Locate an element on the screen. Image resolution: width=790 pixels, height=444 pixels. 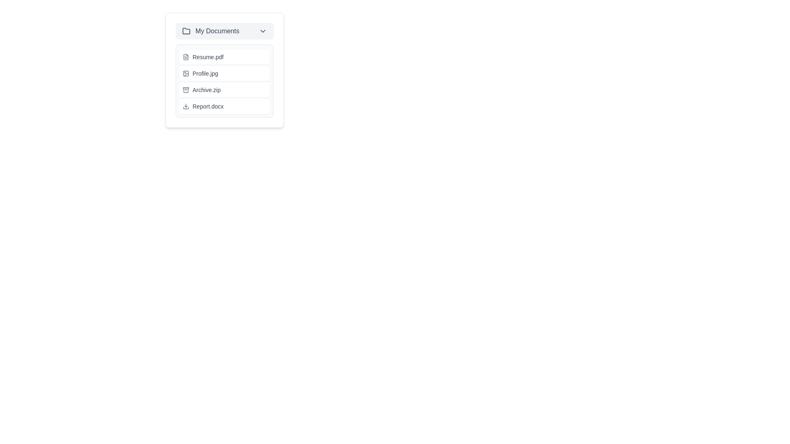
the file entry row labeled 'Profile.jpg' is located at coordinates (225, 73).